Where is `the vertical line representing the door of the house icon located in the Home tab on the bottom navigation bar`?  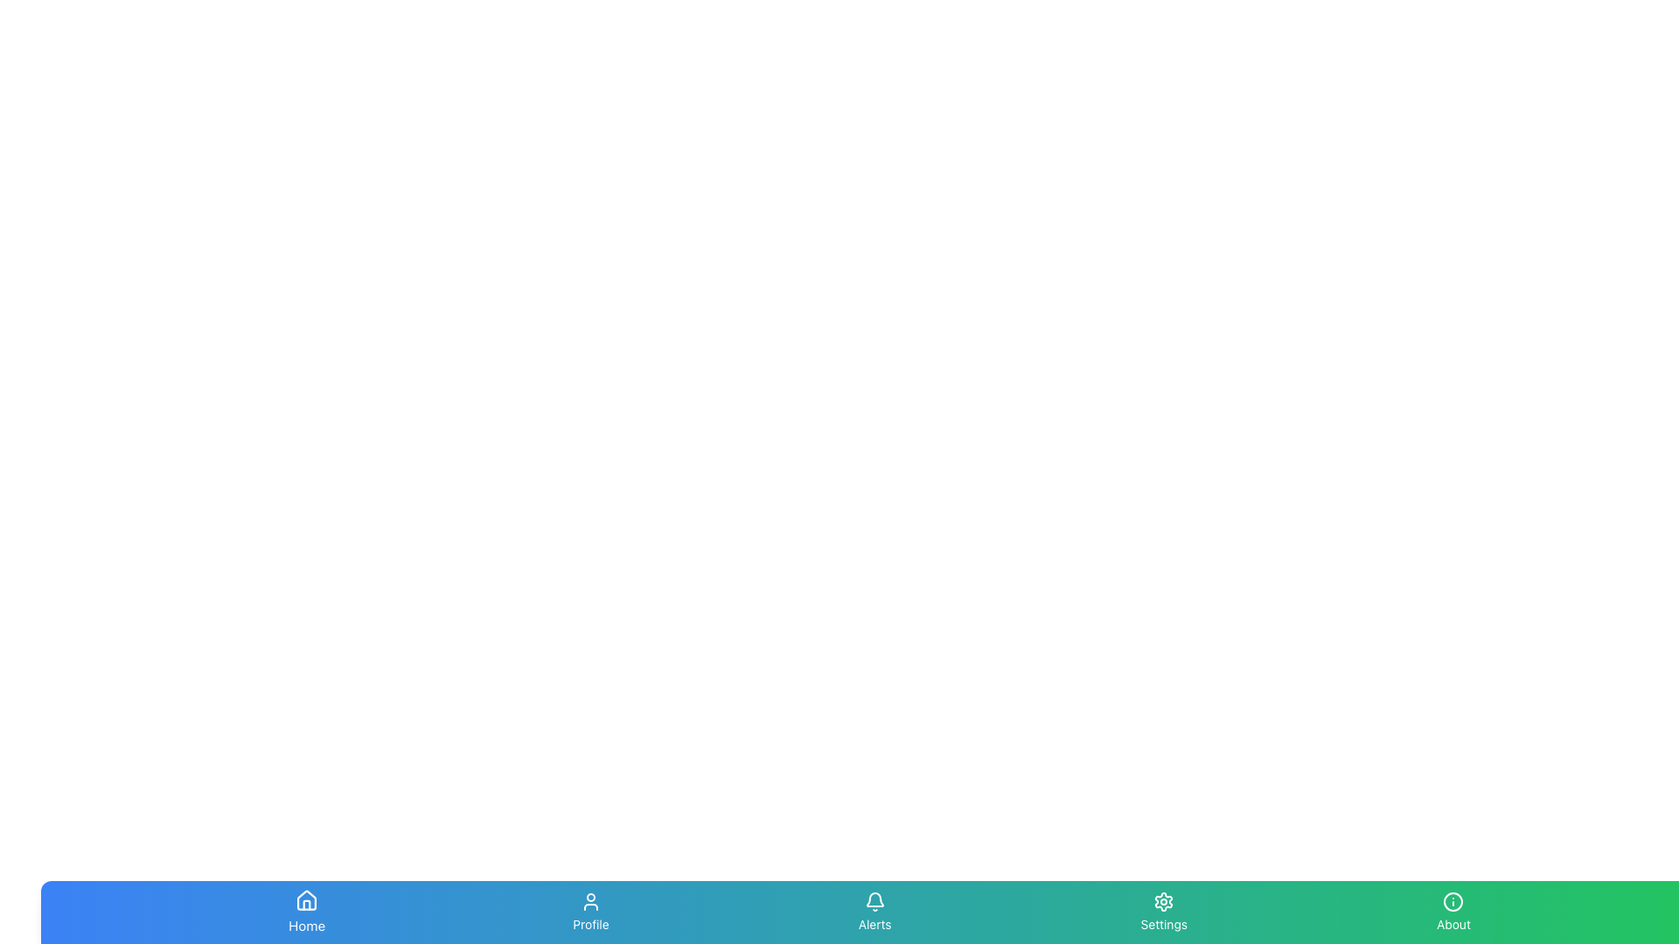 the vertical line representing the door of the house icon located in the Home tab on the bottom navigation bar is located at coordinates (307, 905).